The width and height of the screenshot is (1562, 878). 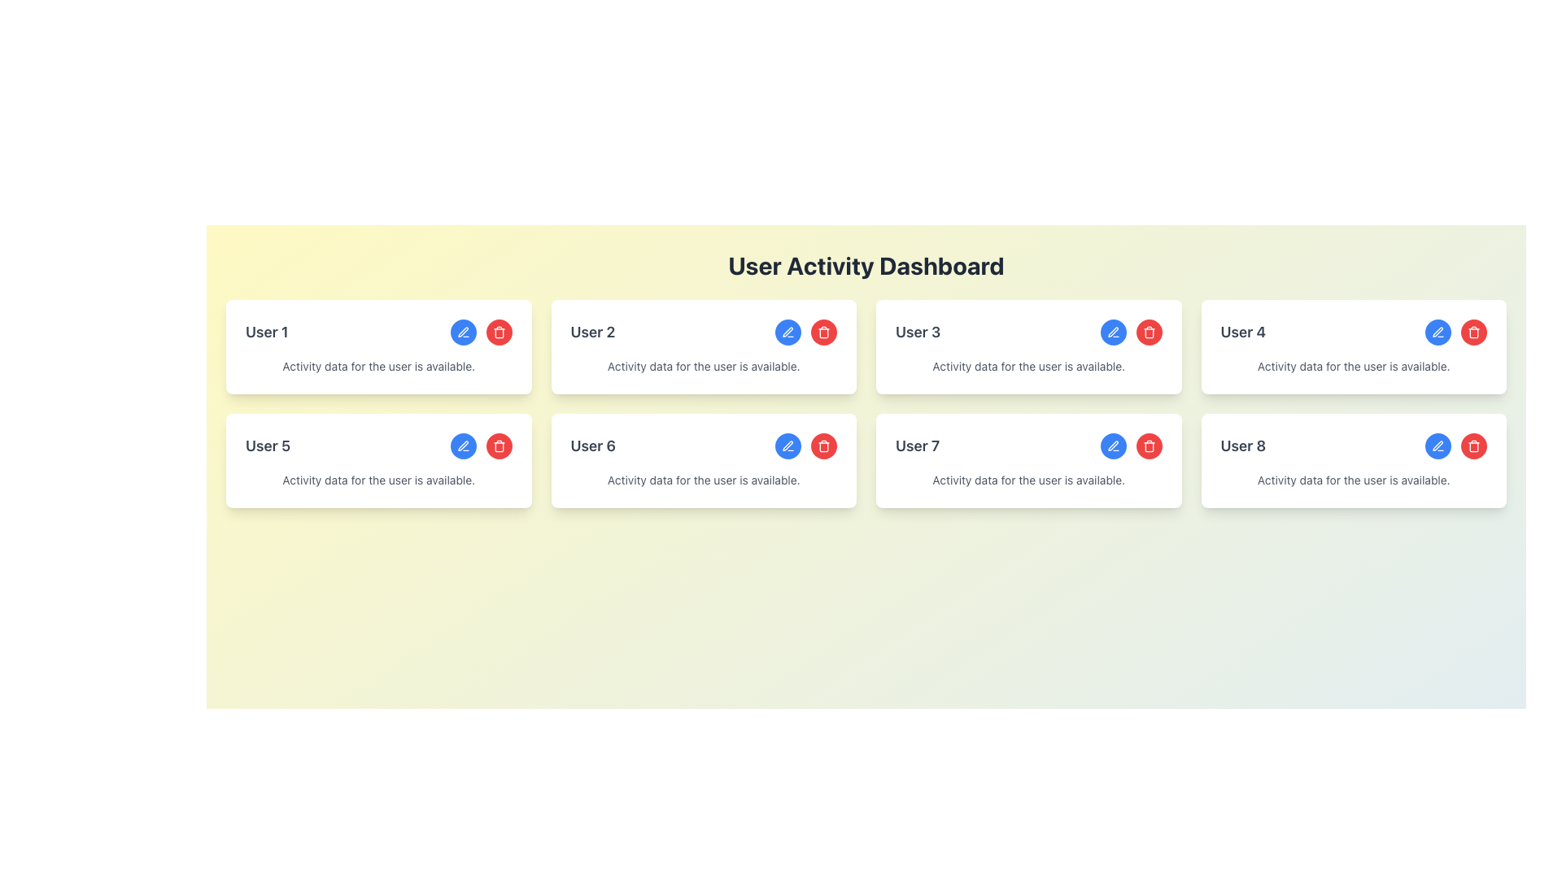 What do you see at coordinates (788, 446) in the screenshot?
I see `the circular blue edit button with a pencil icon for 'User 6'` at bounding box center [788, 446].